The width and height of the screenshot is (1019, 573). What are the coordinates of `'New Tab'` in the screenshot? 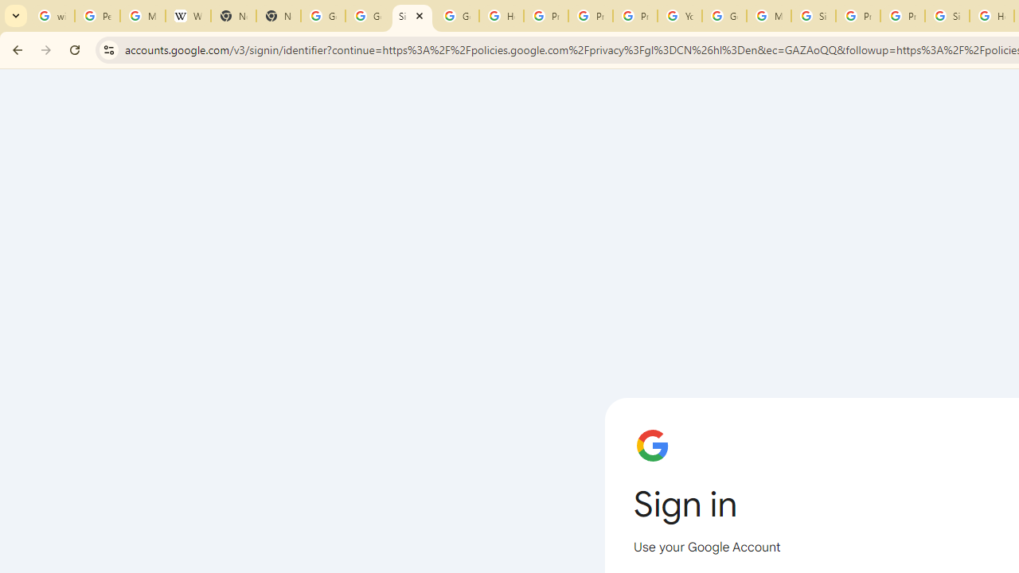 It's located at (279, 16).